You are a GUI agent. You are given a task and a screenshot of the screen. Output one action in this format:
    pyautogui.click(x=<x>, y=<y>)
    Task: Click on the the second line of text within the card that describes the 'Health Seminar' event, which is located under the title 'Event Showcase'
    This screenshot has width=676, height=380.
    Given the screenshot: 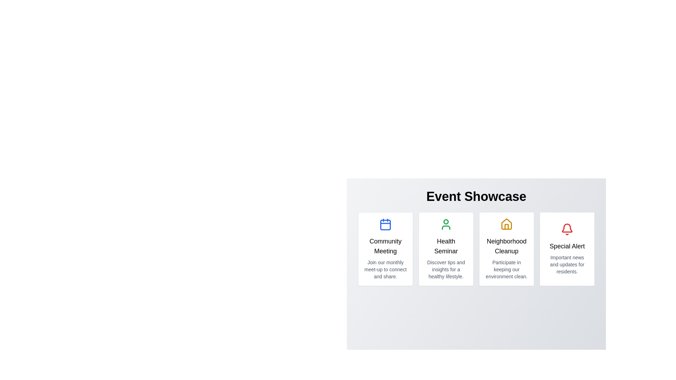 What is the action you would take?
    pyautogui.click(x=446, y=269)
    